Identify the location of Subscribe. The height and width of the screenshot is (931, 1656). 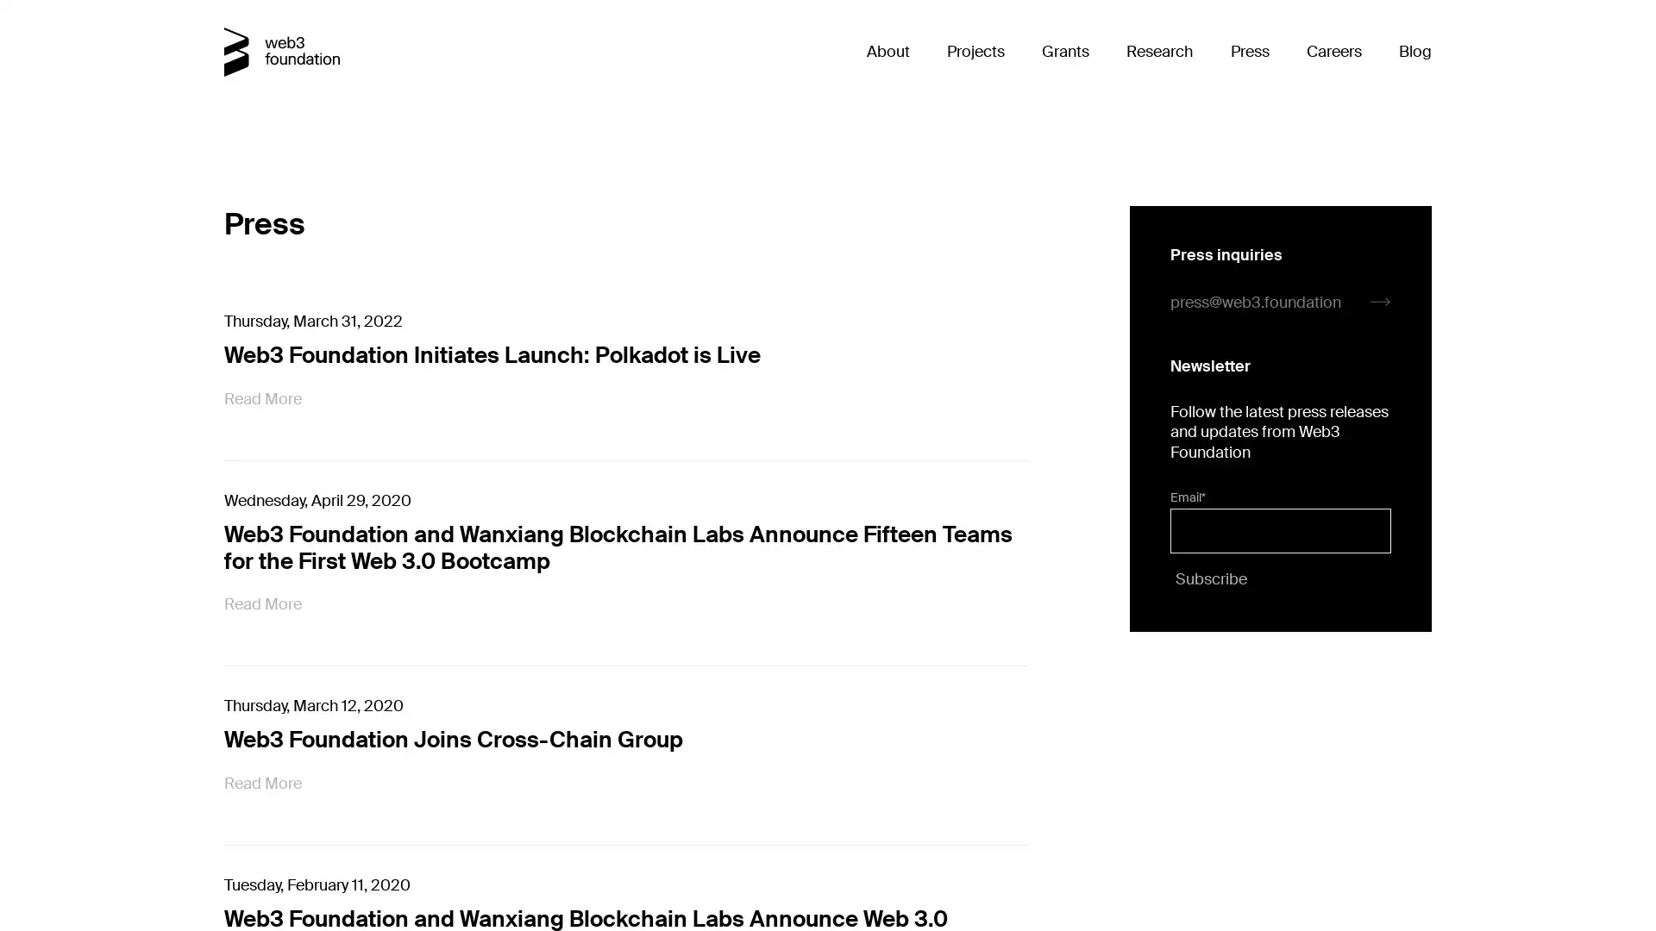
(1207, 578).